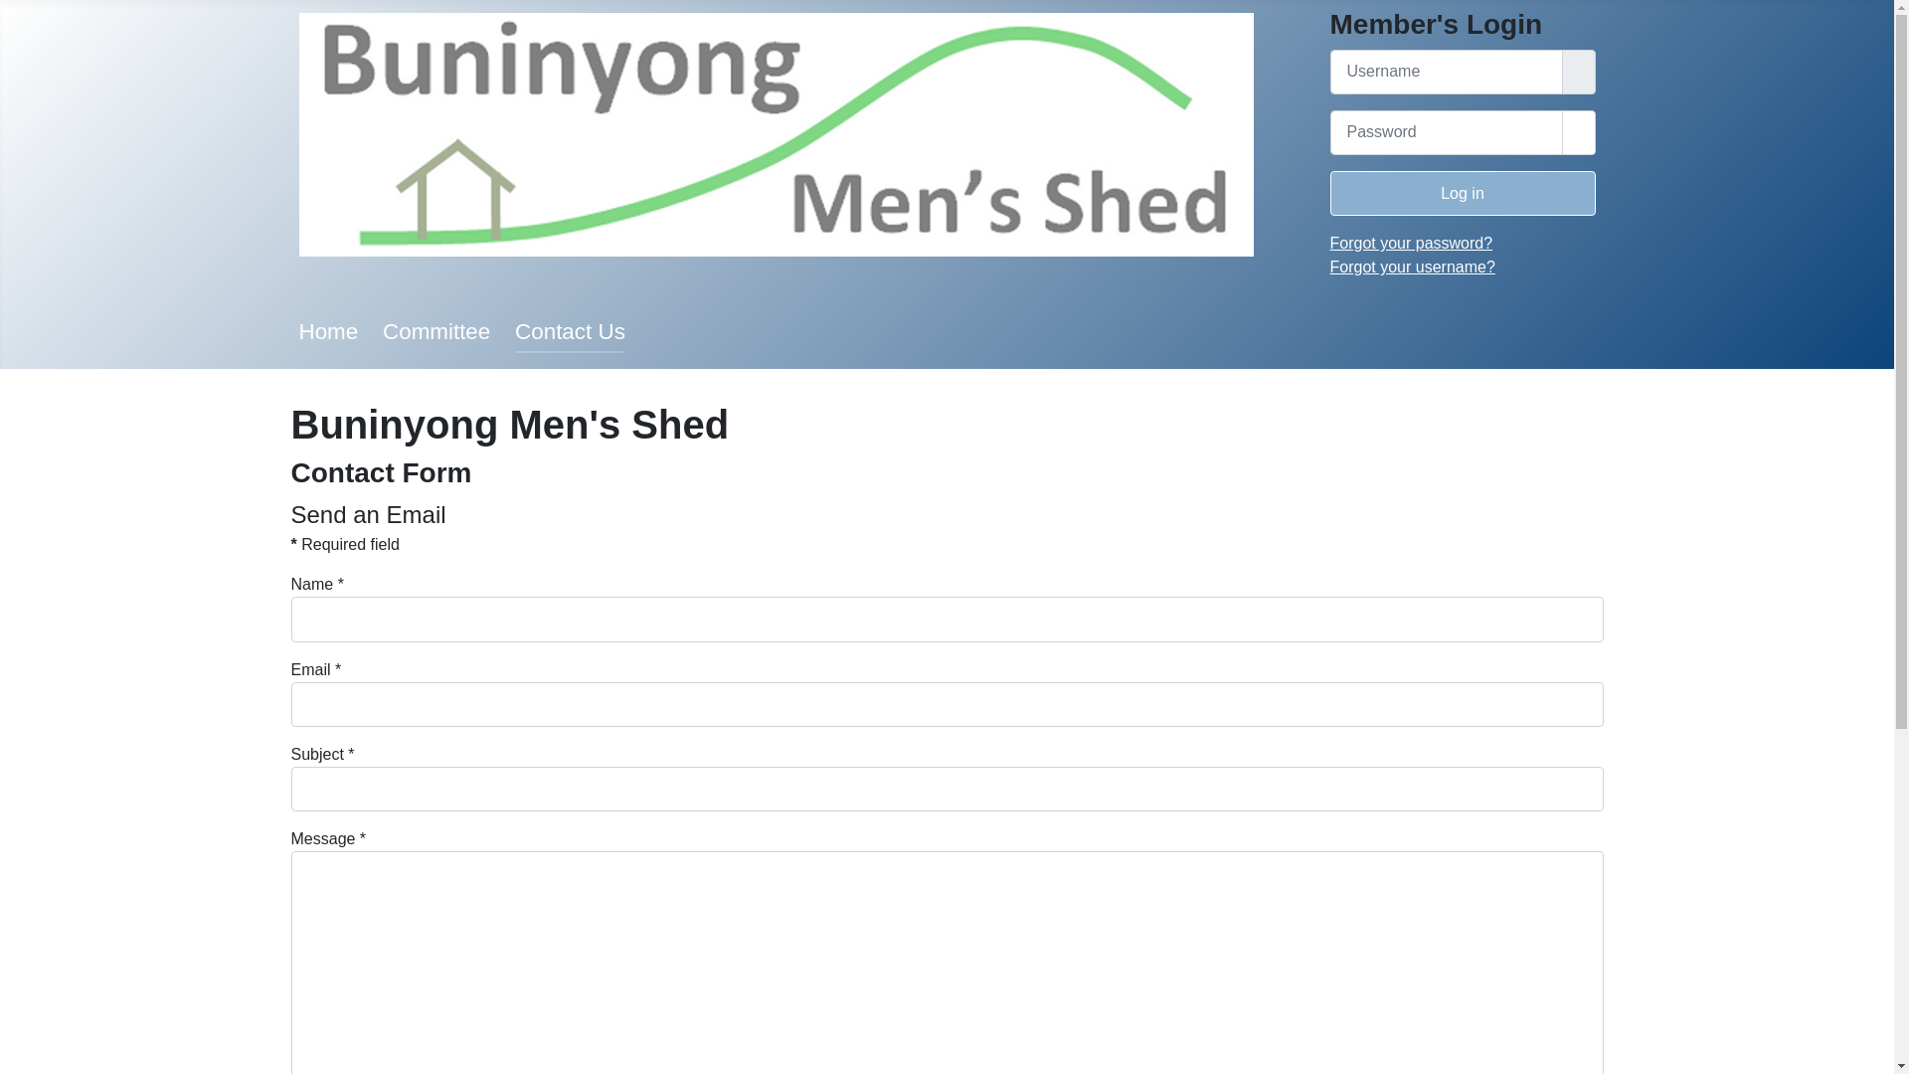  I want to click on 'Log in', so click(1463, 193).